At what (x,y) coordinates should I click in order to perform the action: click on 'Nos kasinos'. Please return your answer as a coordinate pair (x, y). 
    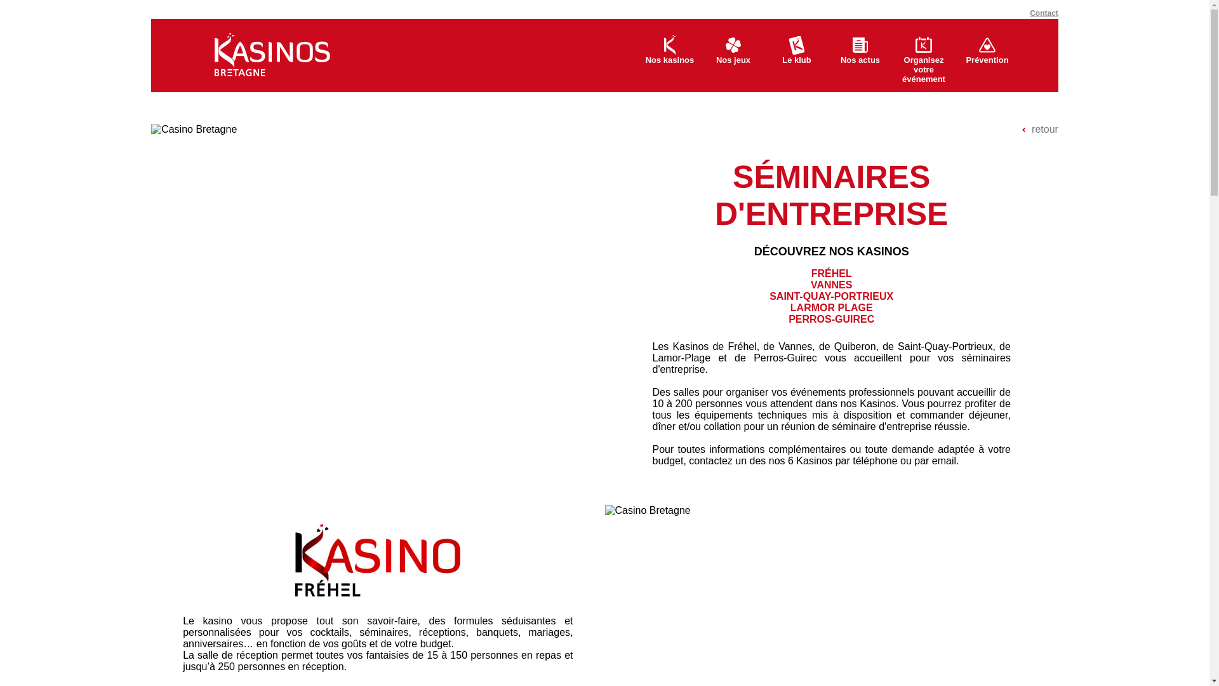
    Looking at the image, I should click on (669, 55).